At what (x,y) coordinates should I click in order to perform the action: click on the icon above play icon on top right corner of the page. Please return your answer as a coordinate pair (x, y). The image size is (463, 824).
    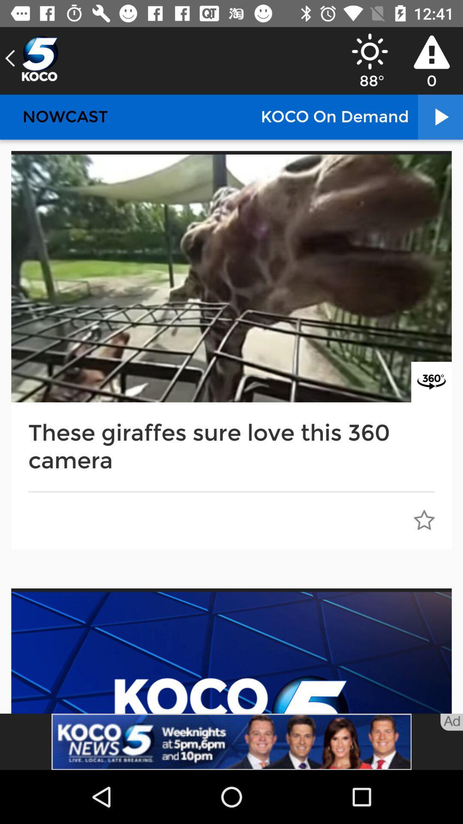
    Looking at the image, I should click on (431, 51).